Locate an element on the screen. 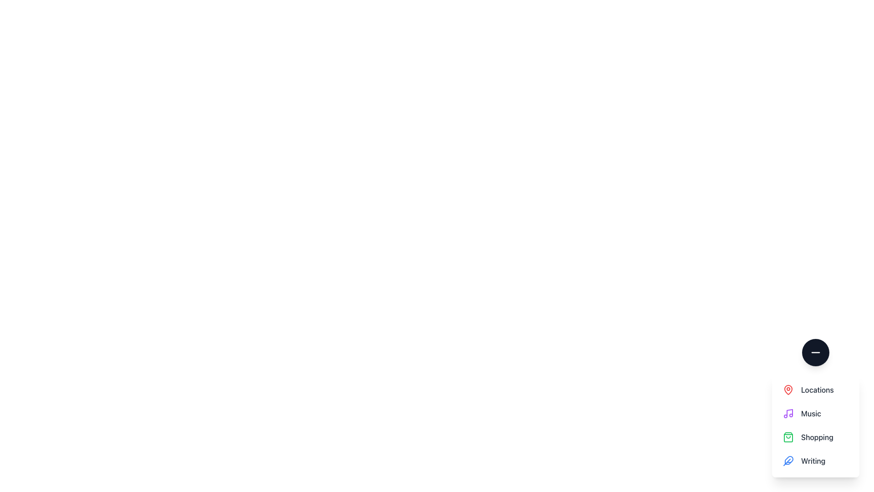 The image size is (874, 492). the circular button with a dark gray or black background that resembles a minus sign to trigger its hover effect is located at coordinates (815, 352).